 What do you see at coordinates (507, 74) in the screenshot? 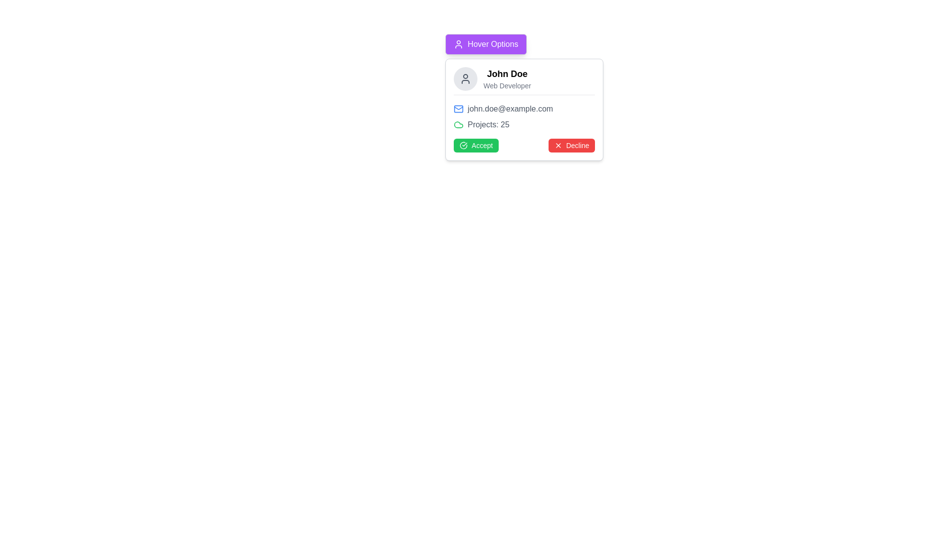
I see `the user name Text Label, which is the primary identifier for the user, positioned above the 'Web Developer' text within the user card interface` at bounding box center [507, 74].